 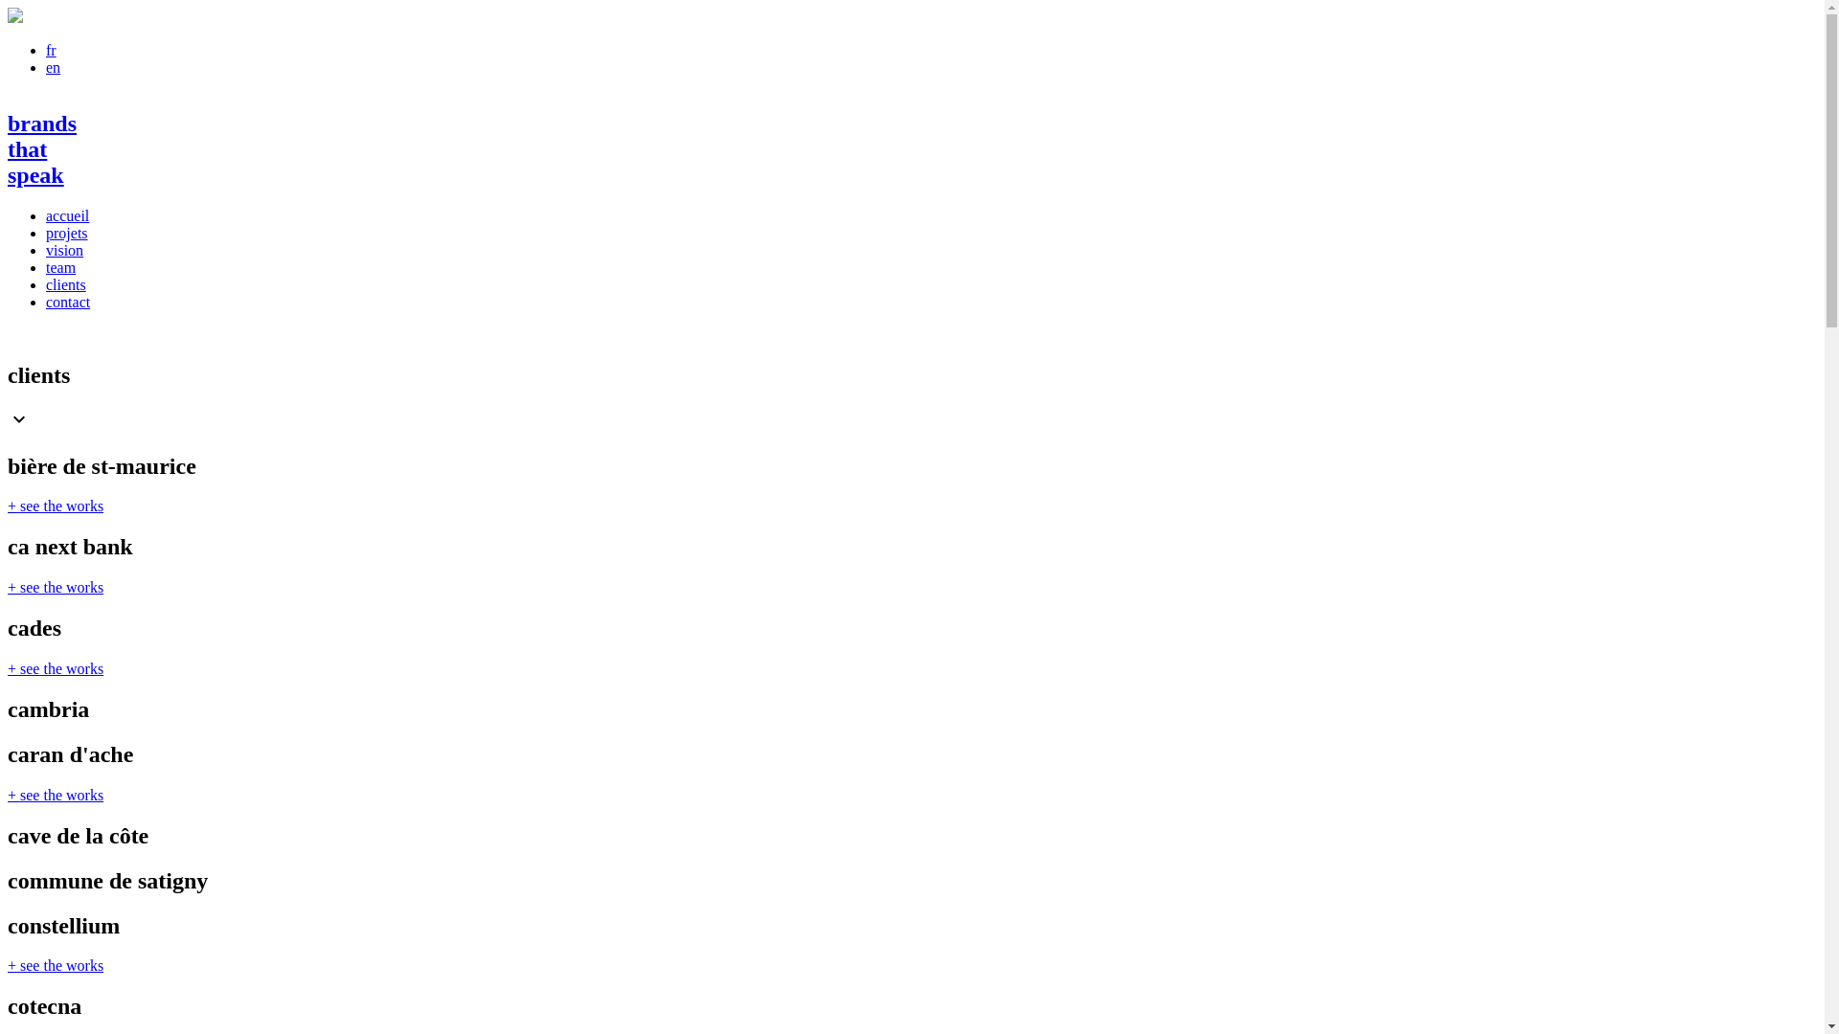 What do you see at coordinates (46, 49) in the screenshot?
I see `'fr'` at bounding box center [46, 49].